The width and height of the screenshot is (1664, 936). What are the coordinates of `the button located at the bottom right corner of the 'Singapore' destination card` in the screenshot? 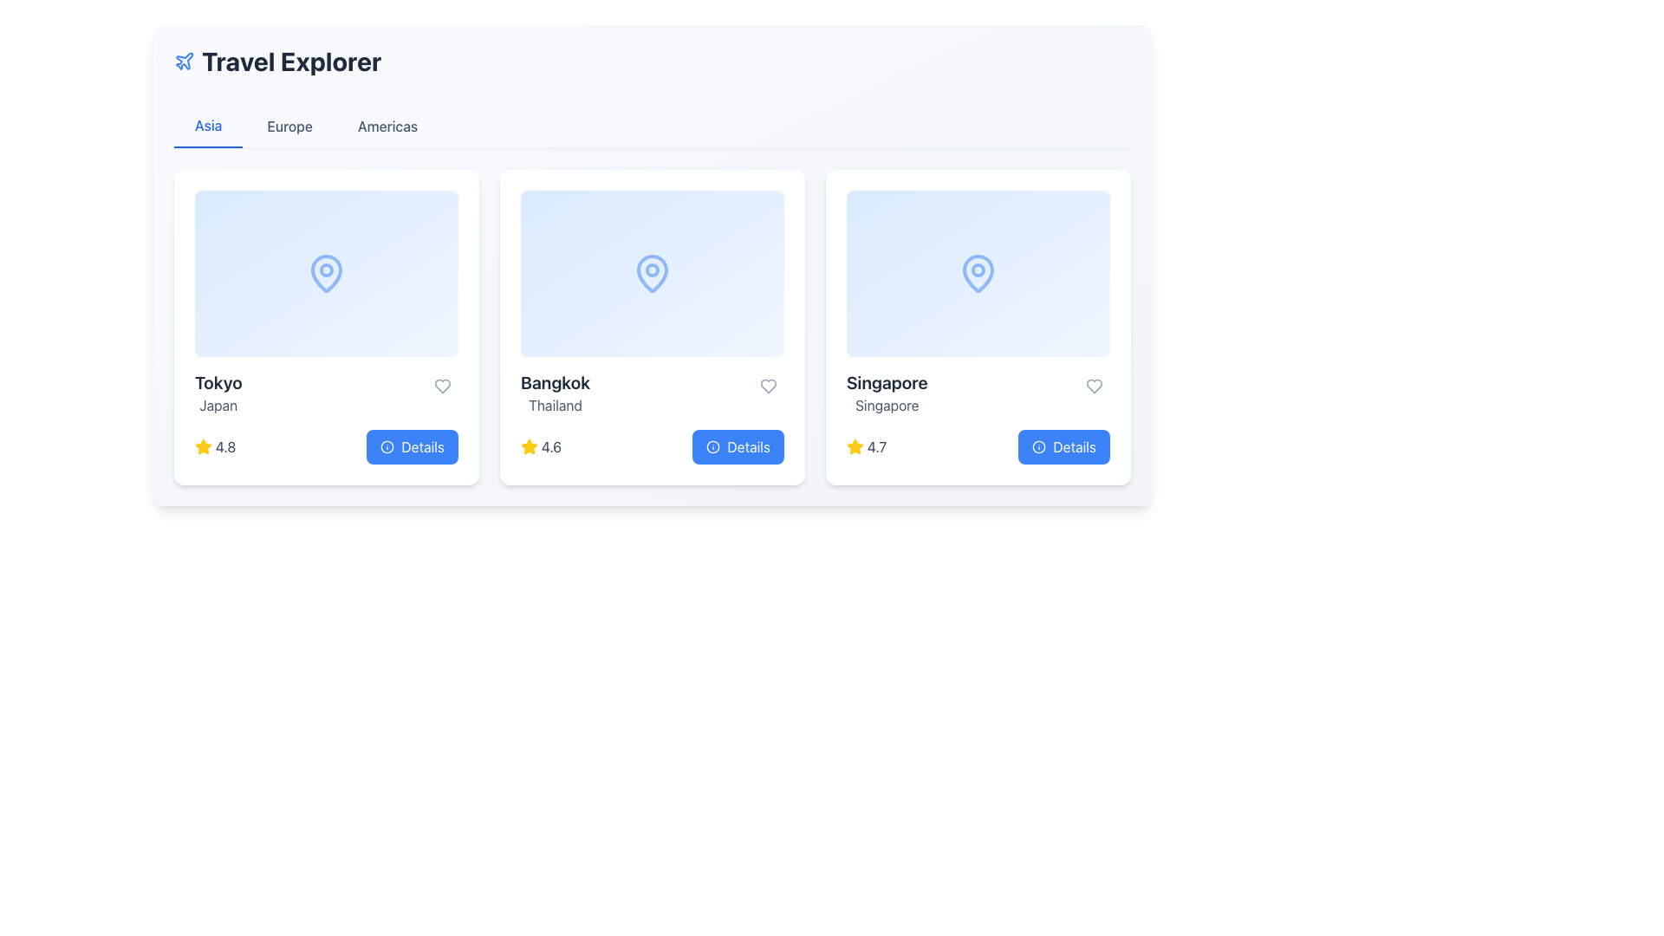 It's located at (1063, 446).